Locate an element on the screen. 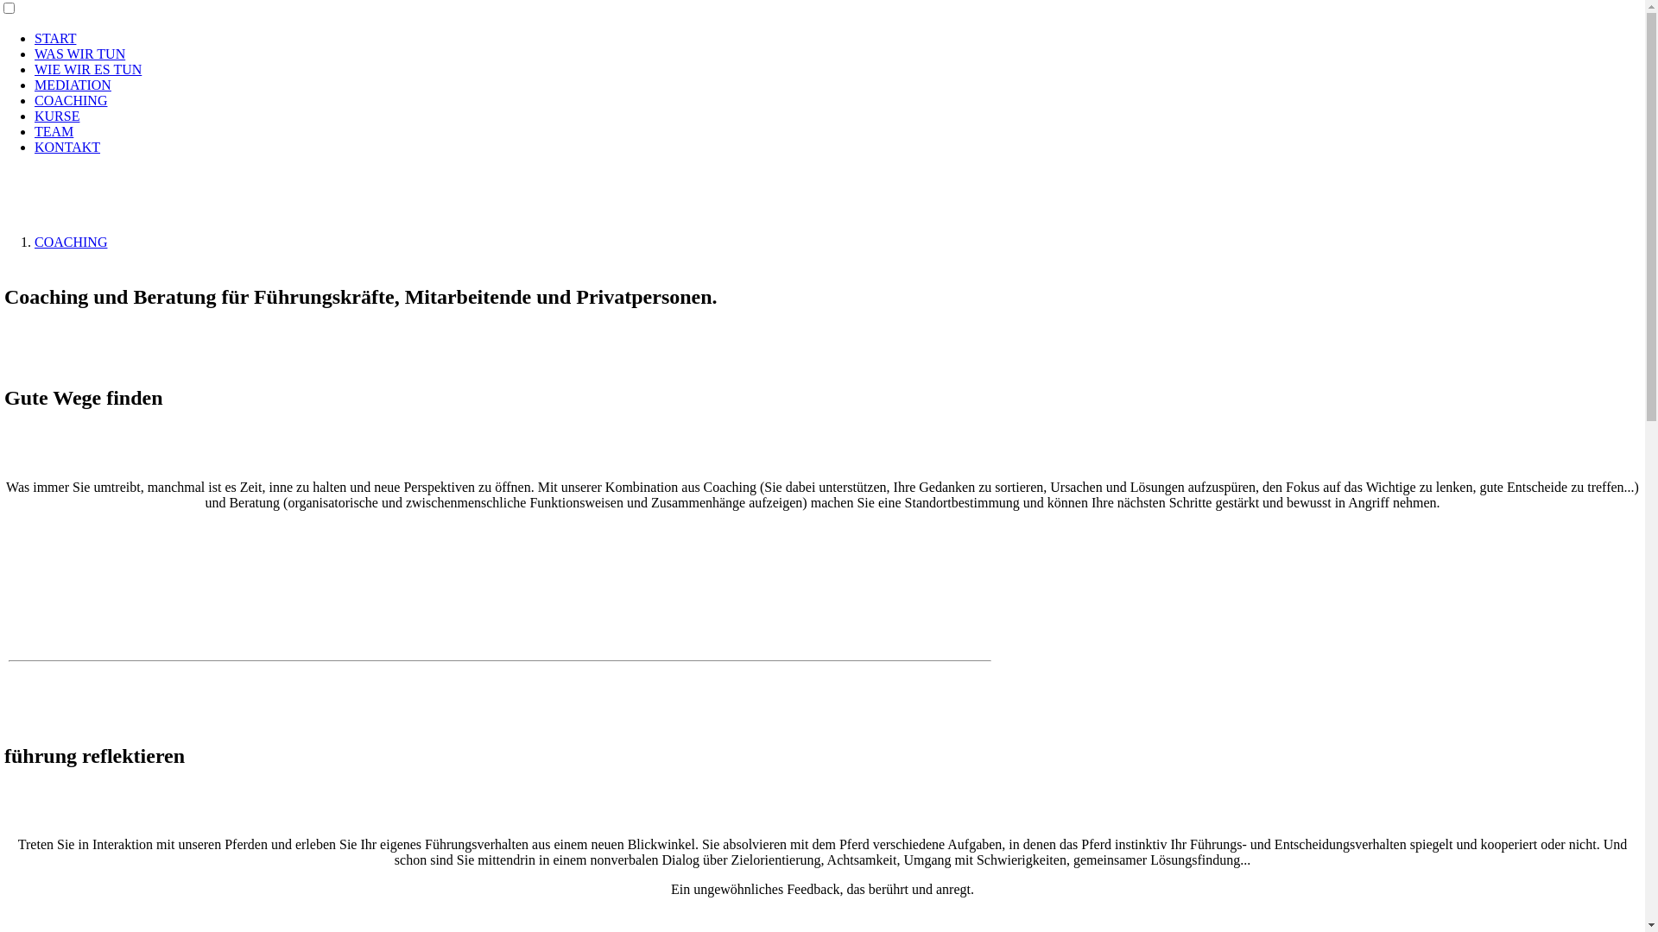 This screenshot has width=1658, height=932. 'KURSE' is located at coordinates (57, 116).